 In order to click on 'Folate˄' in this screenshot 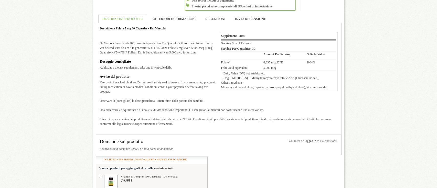, I will do `click(221, 62)`.